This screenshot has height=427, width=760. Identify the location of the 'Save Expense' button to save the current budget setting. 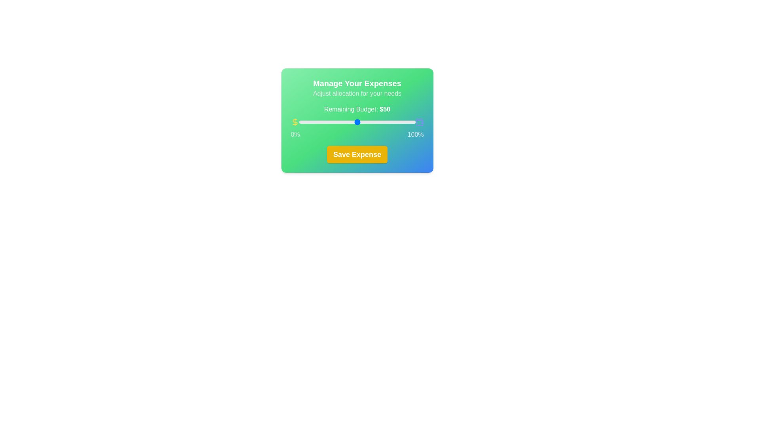
(357, 154).